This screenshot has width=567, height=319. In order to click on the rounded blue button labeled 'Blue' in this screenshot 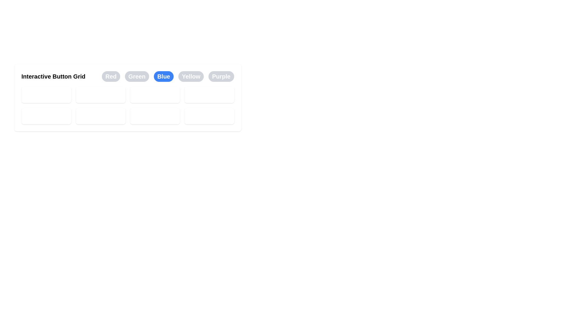, I will do `click(167, 76)`.